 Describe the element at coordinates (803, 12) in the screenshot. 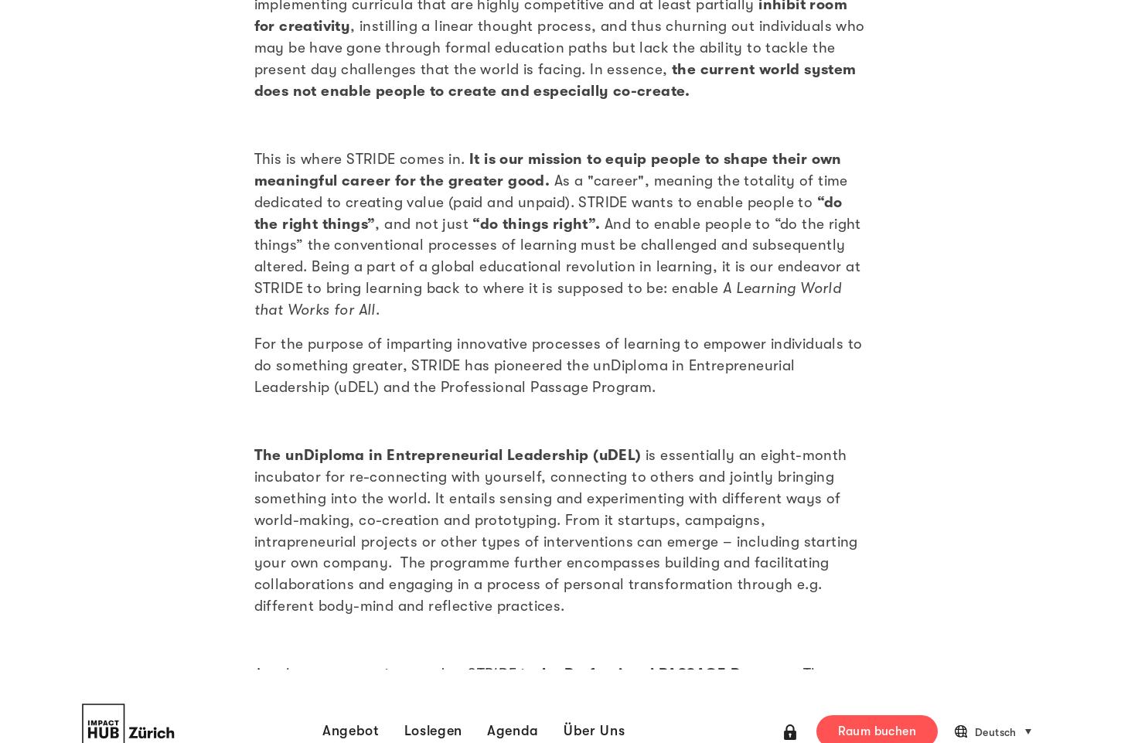

I see `'13/08/2020'` at that location.